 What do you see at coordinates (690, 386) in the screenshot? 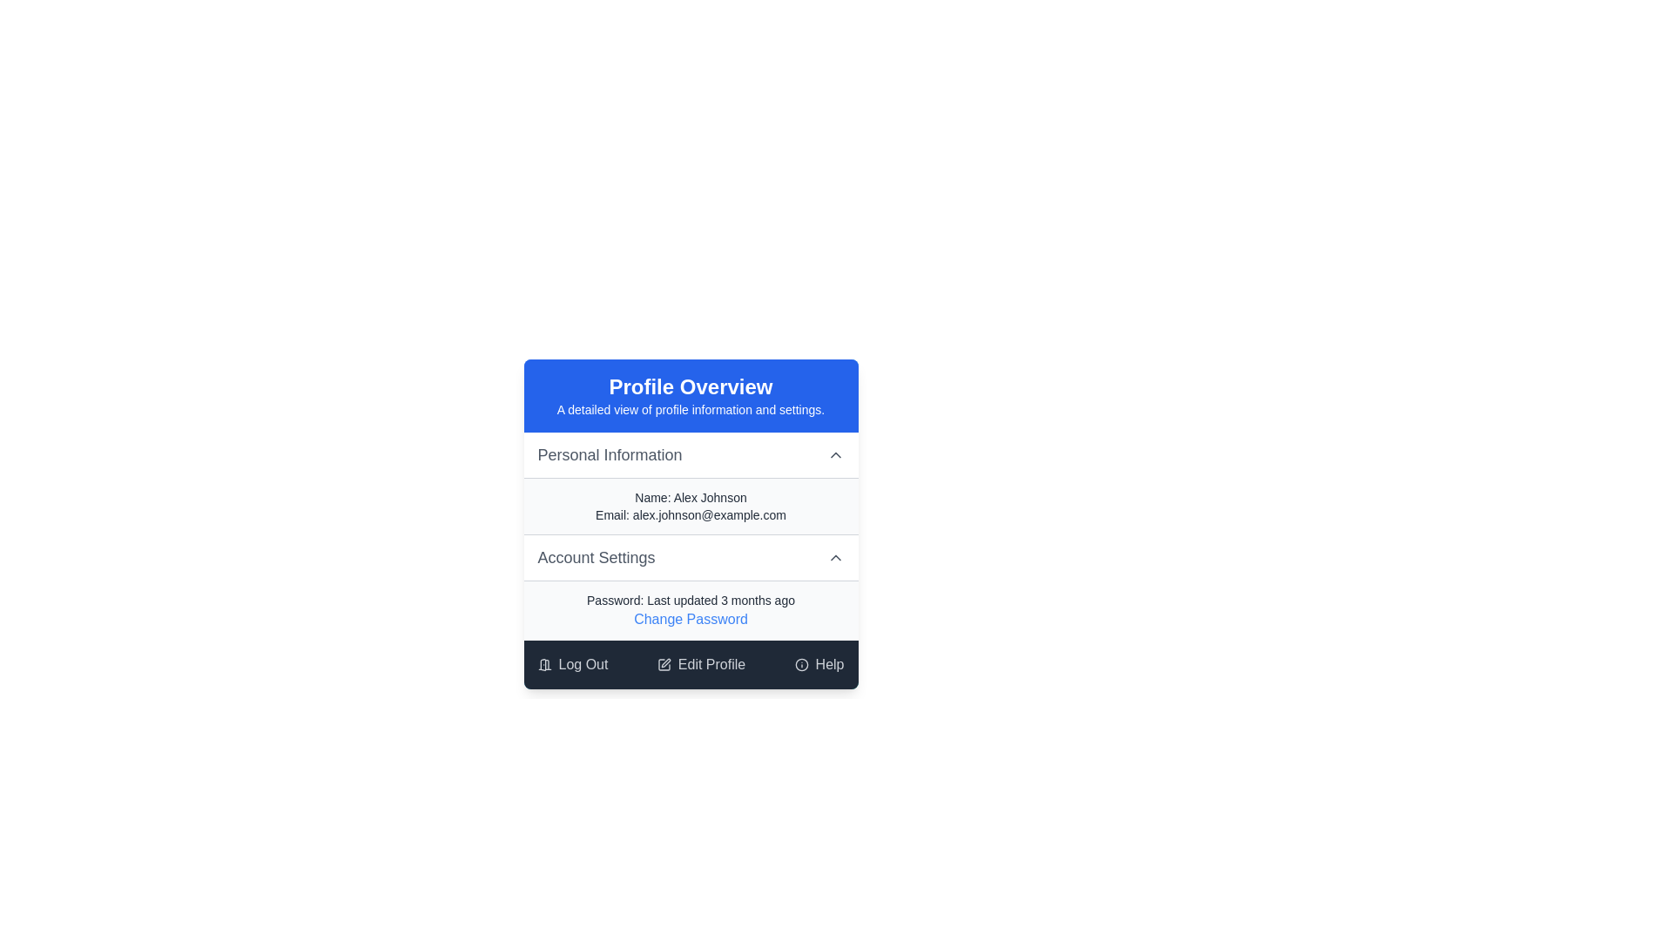
I see `the title text 'Profile Overview' which is styled with a bold font and large size, located at the top center of a blue rectangular section` at bounding box center [690, 386].